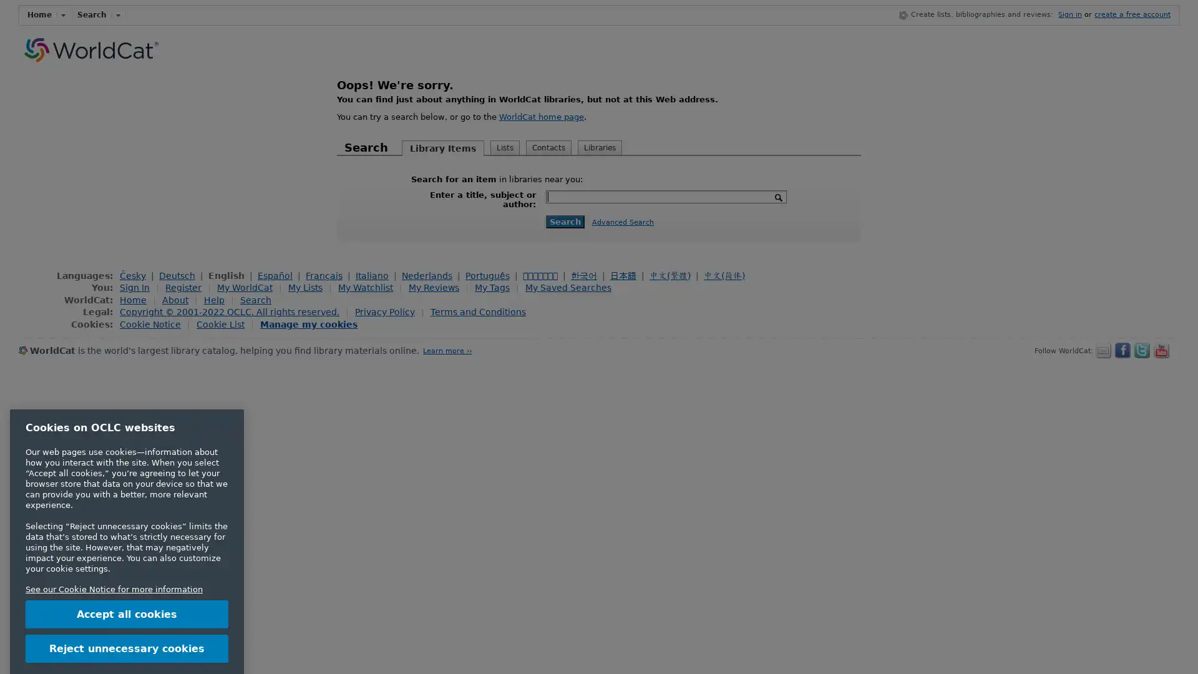  I want to click on Accept all cookies, so click(127, 558).